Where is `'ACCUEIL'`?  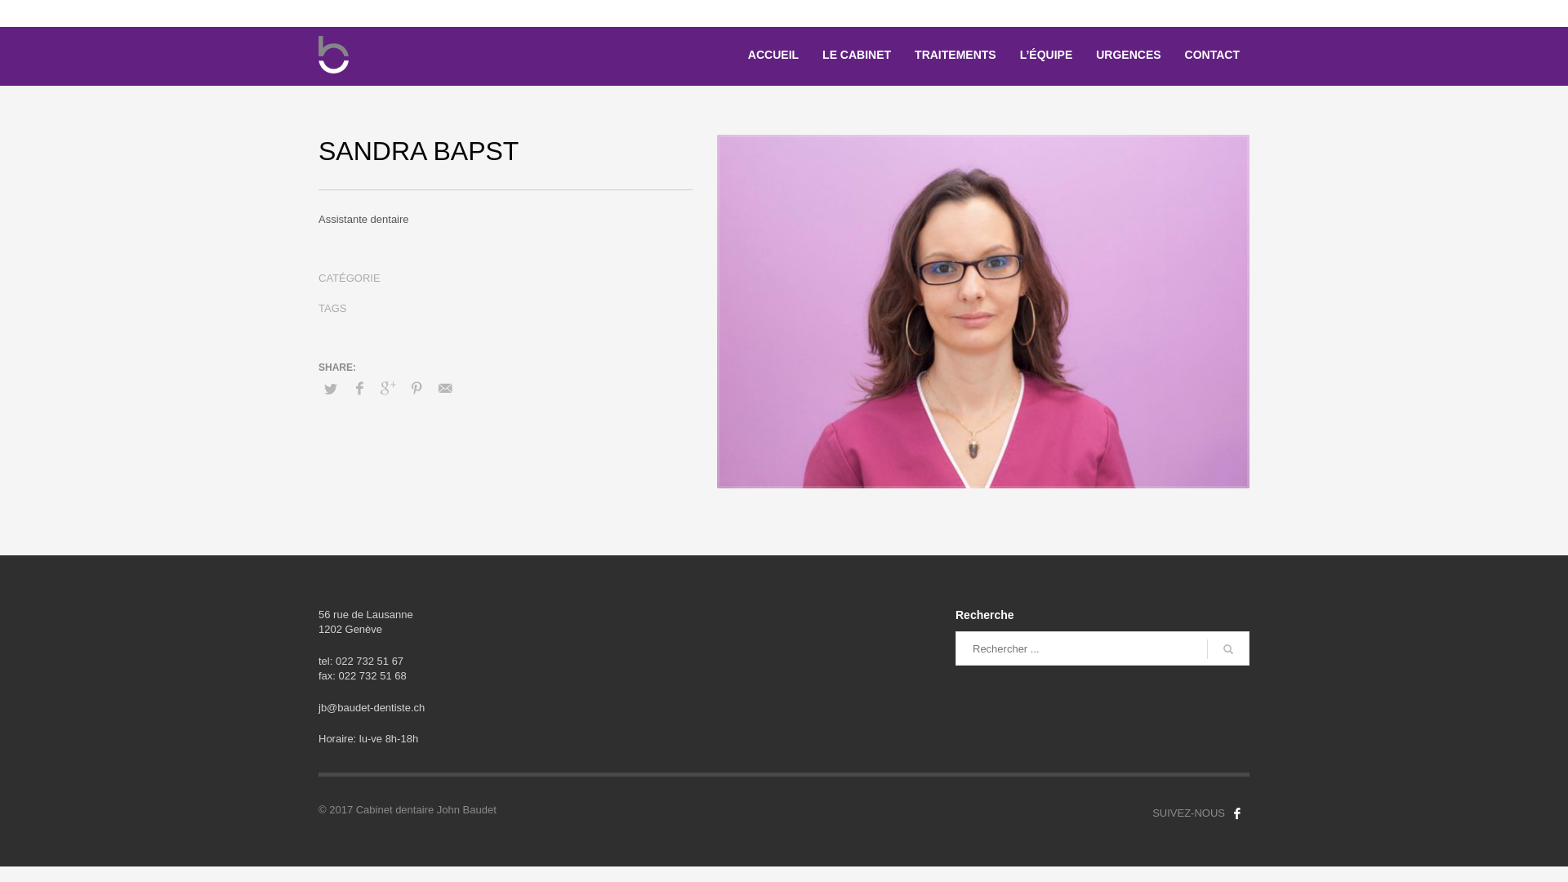
'ACCUEIL' is located at coordinates (772, 53).